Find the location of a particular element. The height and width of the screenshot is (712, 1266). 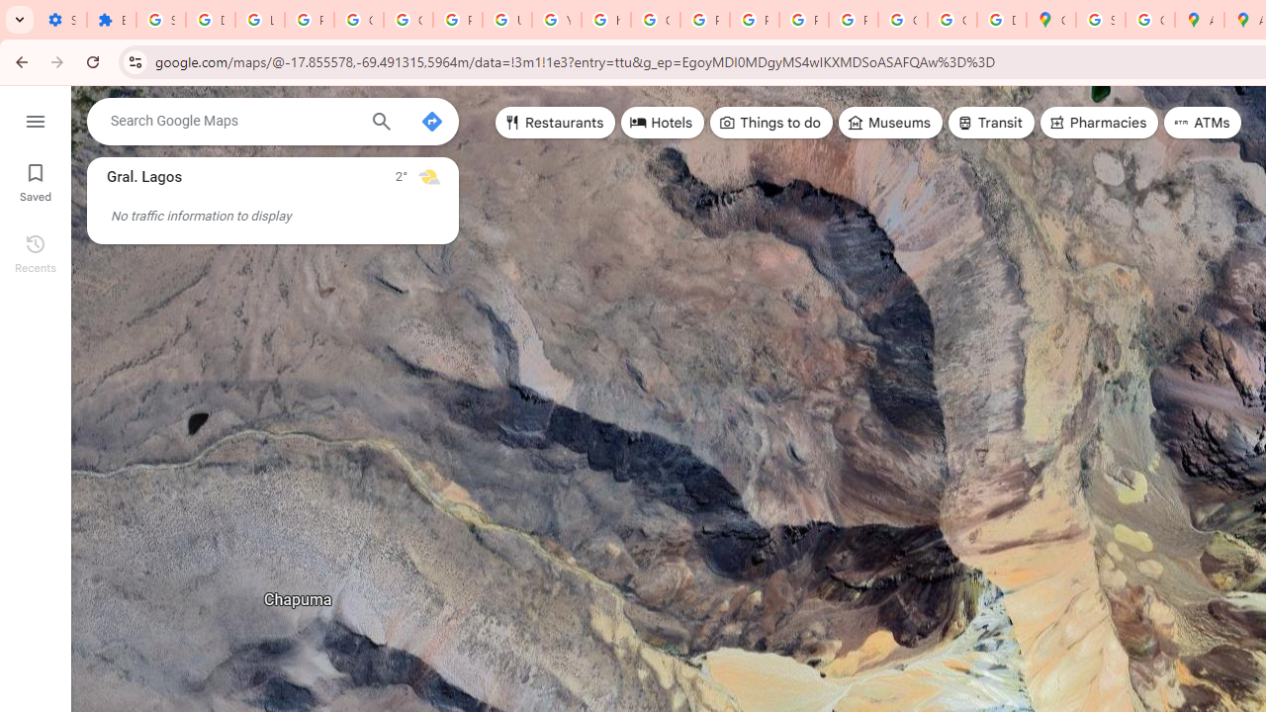

'ATMs' is located at coordinates (1202, 123).